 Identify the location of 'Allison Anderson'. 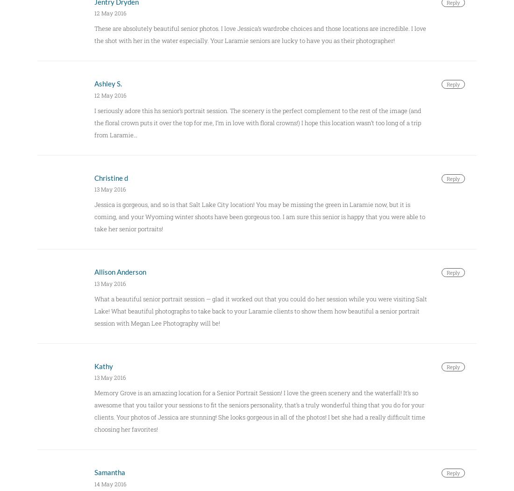
(93, 272).